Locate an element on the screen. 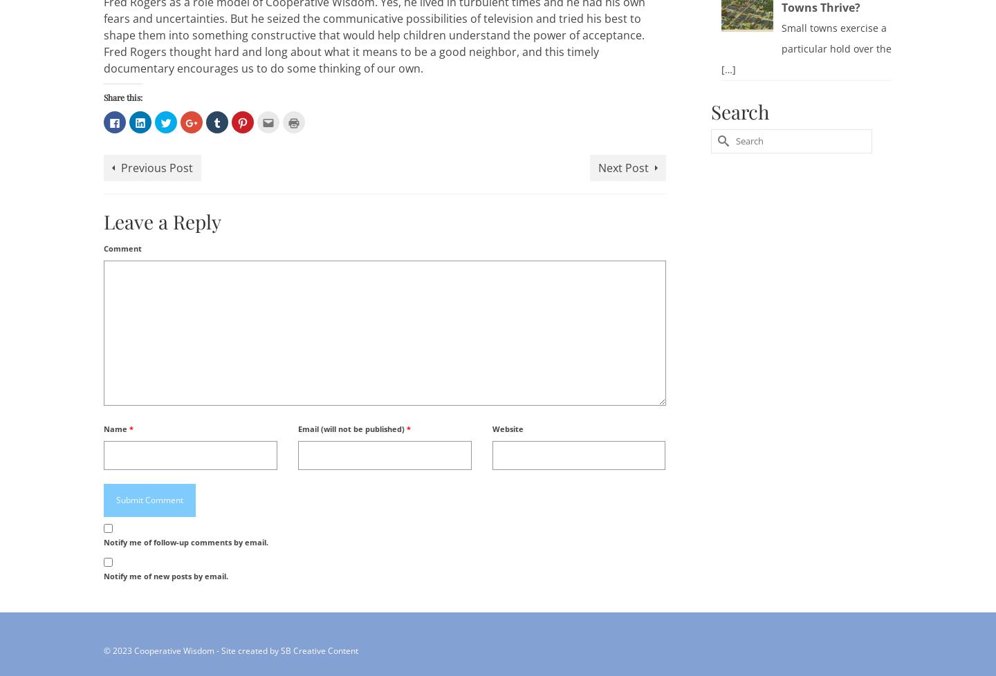  'SB Creative Content' is located at coordinates (319, 649).